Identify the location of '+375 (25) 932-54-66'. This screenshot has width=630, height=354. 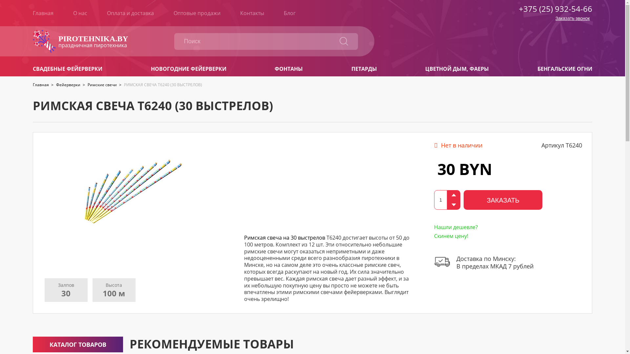
(555, 9).